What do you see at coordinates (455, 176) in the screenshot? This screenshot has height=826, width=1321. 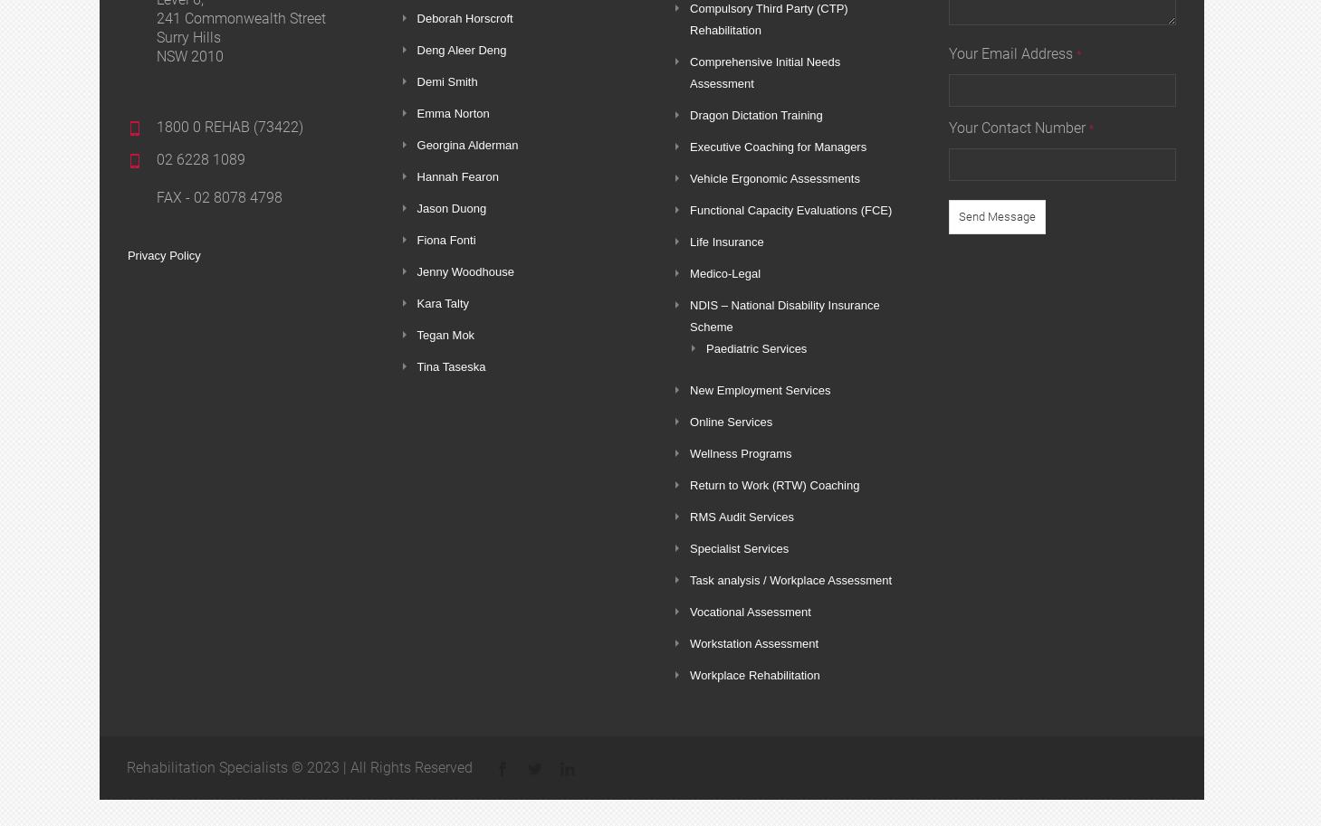 I see `'Hannah Fearon'` at bounding box center [455, 176].